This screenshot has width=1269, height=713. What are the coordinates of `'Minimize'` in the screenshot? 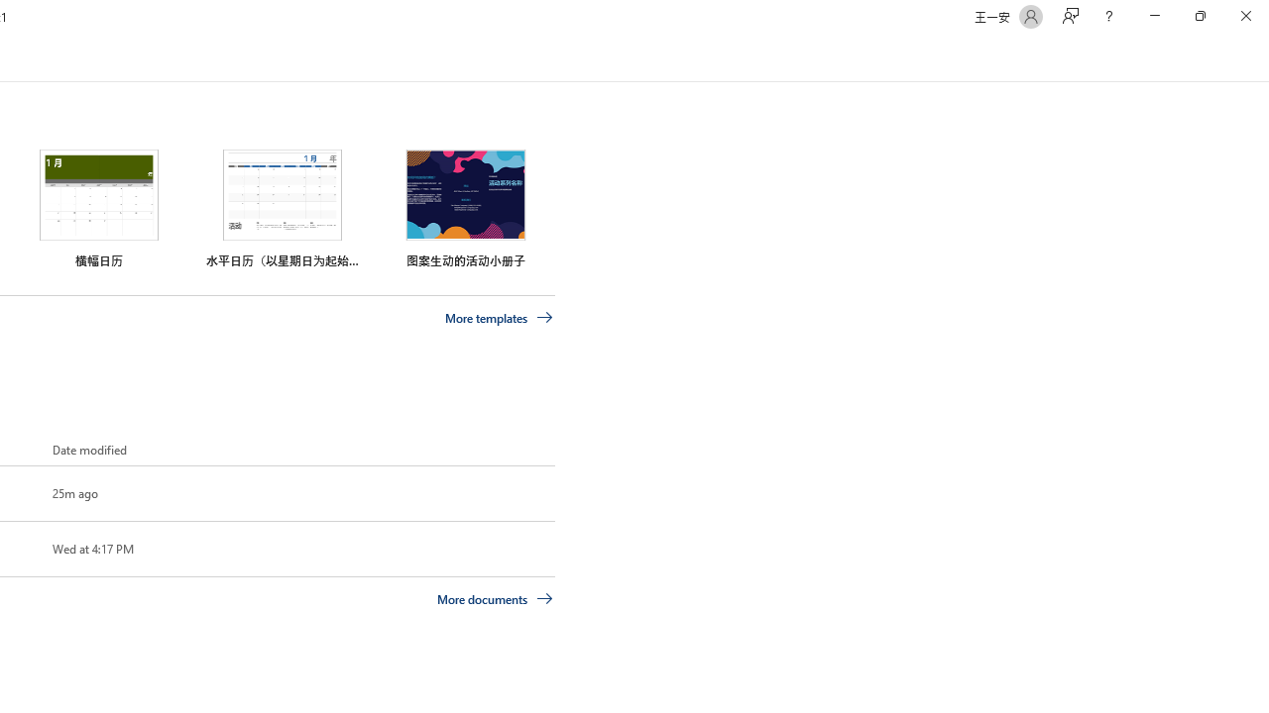 It's located at (1154, 16).